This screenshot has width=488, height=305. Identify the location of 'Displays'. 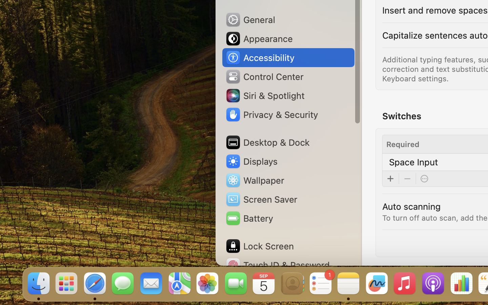
(251, 161).